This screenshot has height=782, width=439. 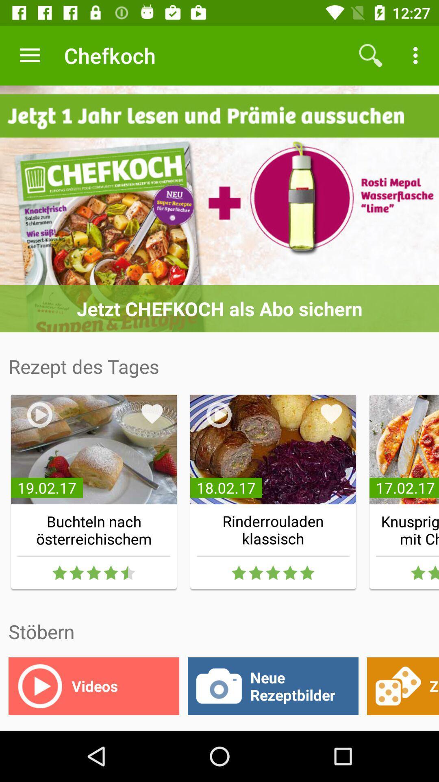 What do you see at coordinates (273, 449) in the screenshot?
I see `the second image under rezept des tages` at bounding box center [273, 449].